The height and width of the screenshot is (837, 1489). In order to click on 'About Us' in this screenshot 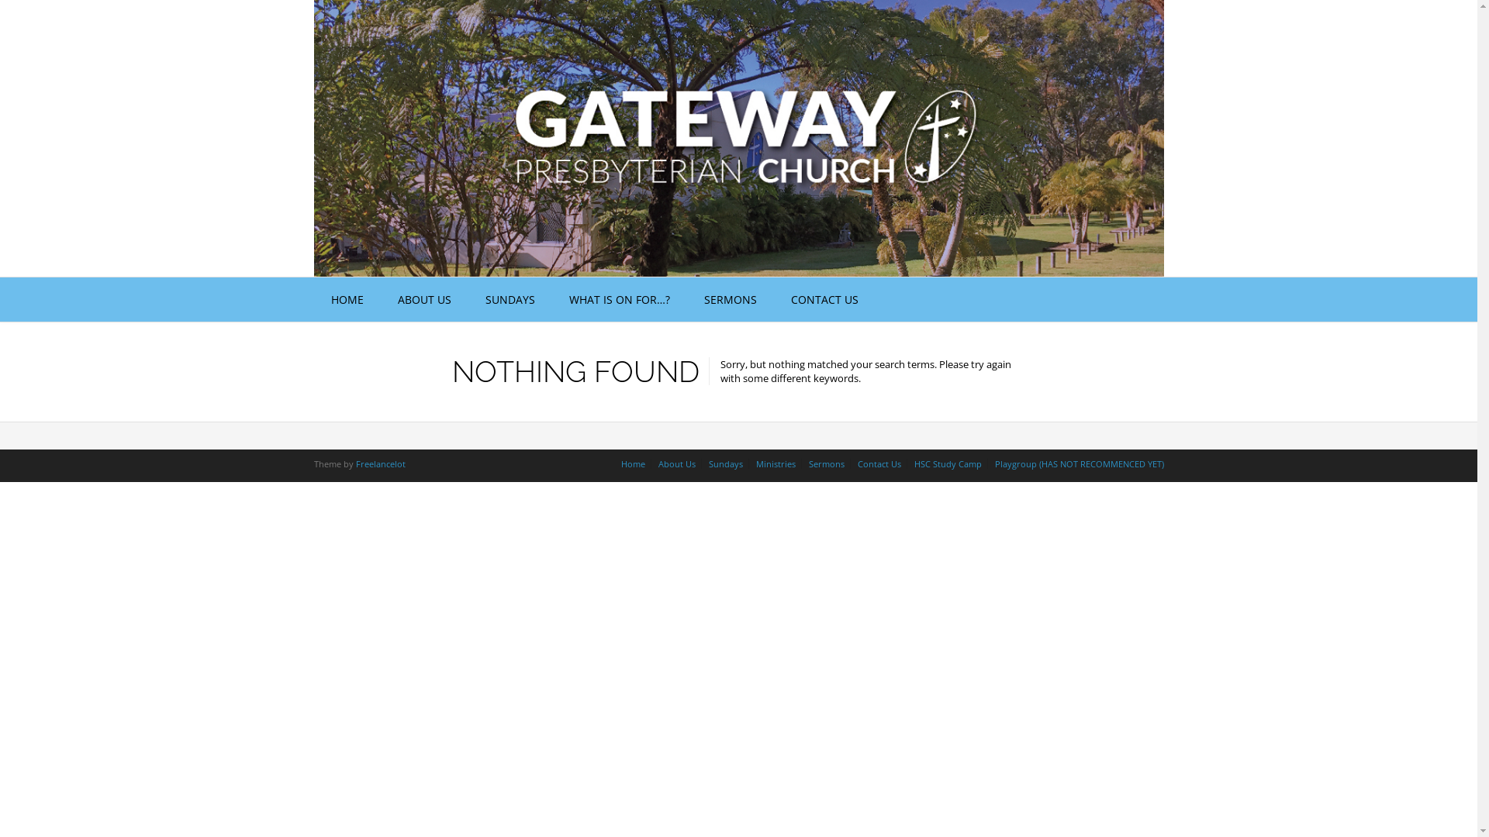, I will do `click(652, 463)`.